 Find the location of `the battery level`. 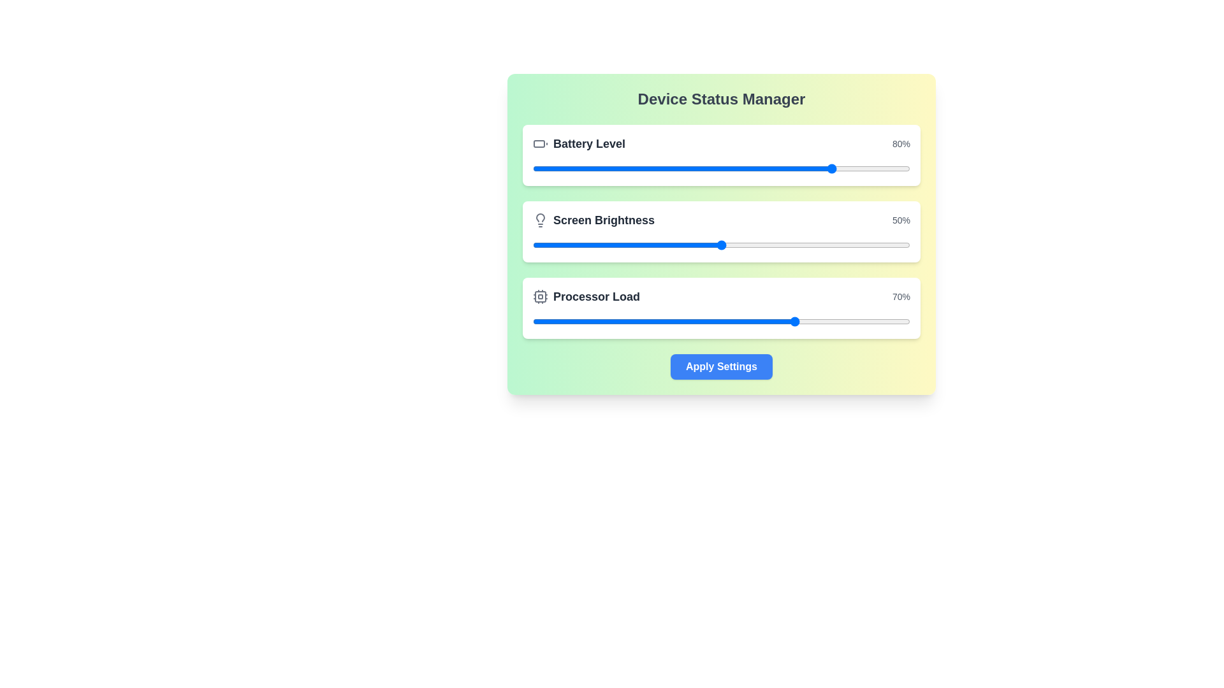

the battery level is located at coordinates (789, 168).